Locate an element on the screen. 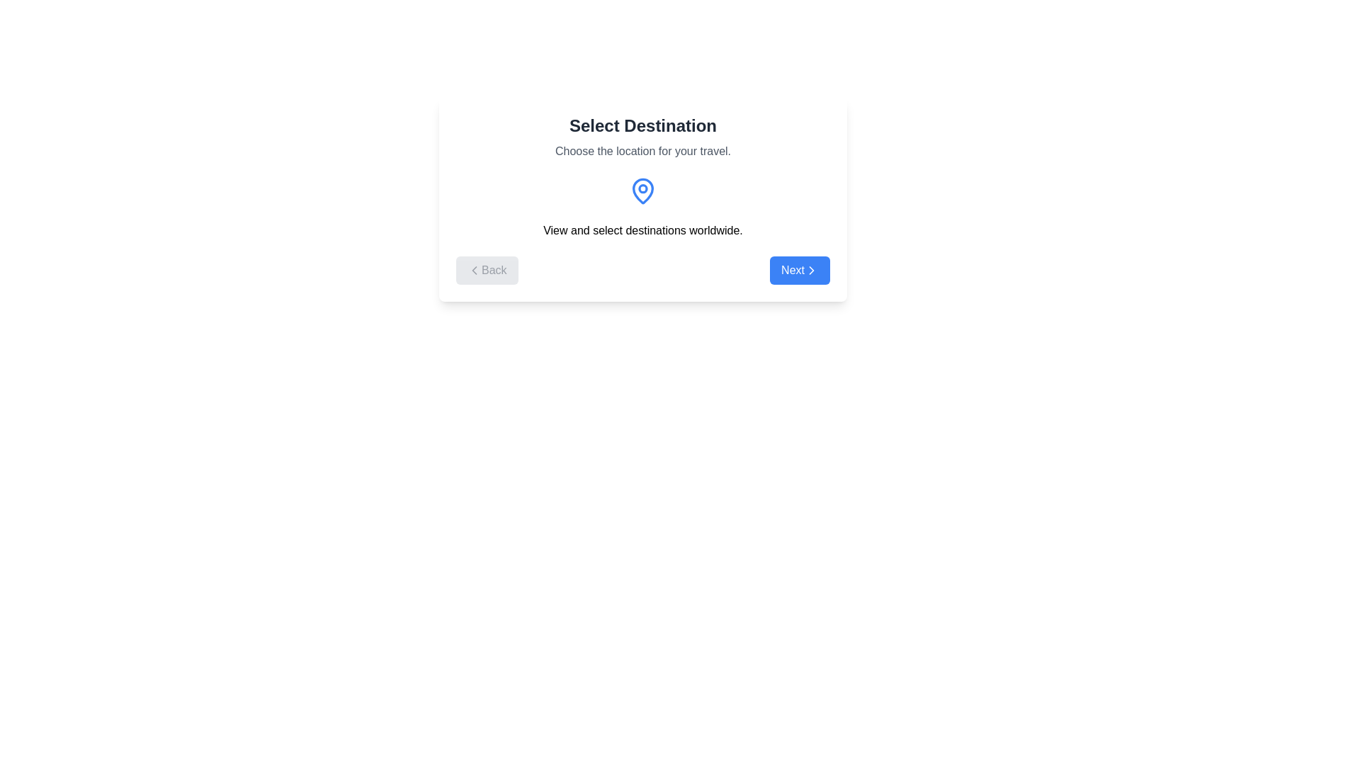  the Chevron arrow icon located at the right side of the blue 'Next' button is located at coordinates (812, 270).